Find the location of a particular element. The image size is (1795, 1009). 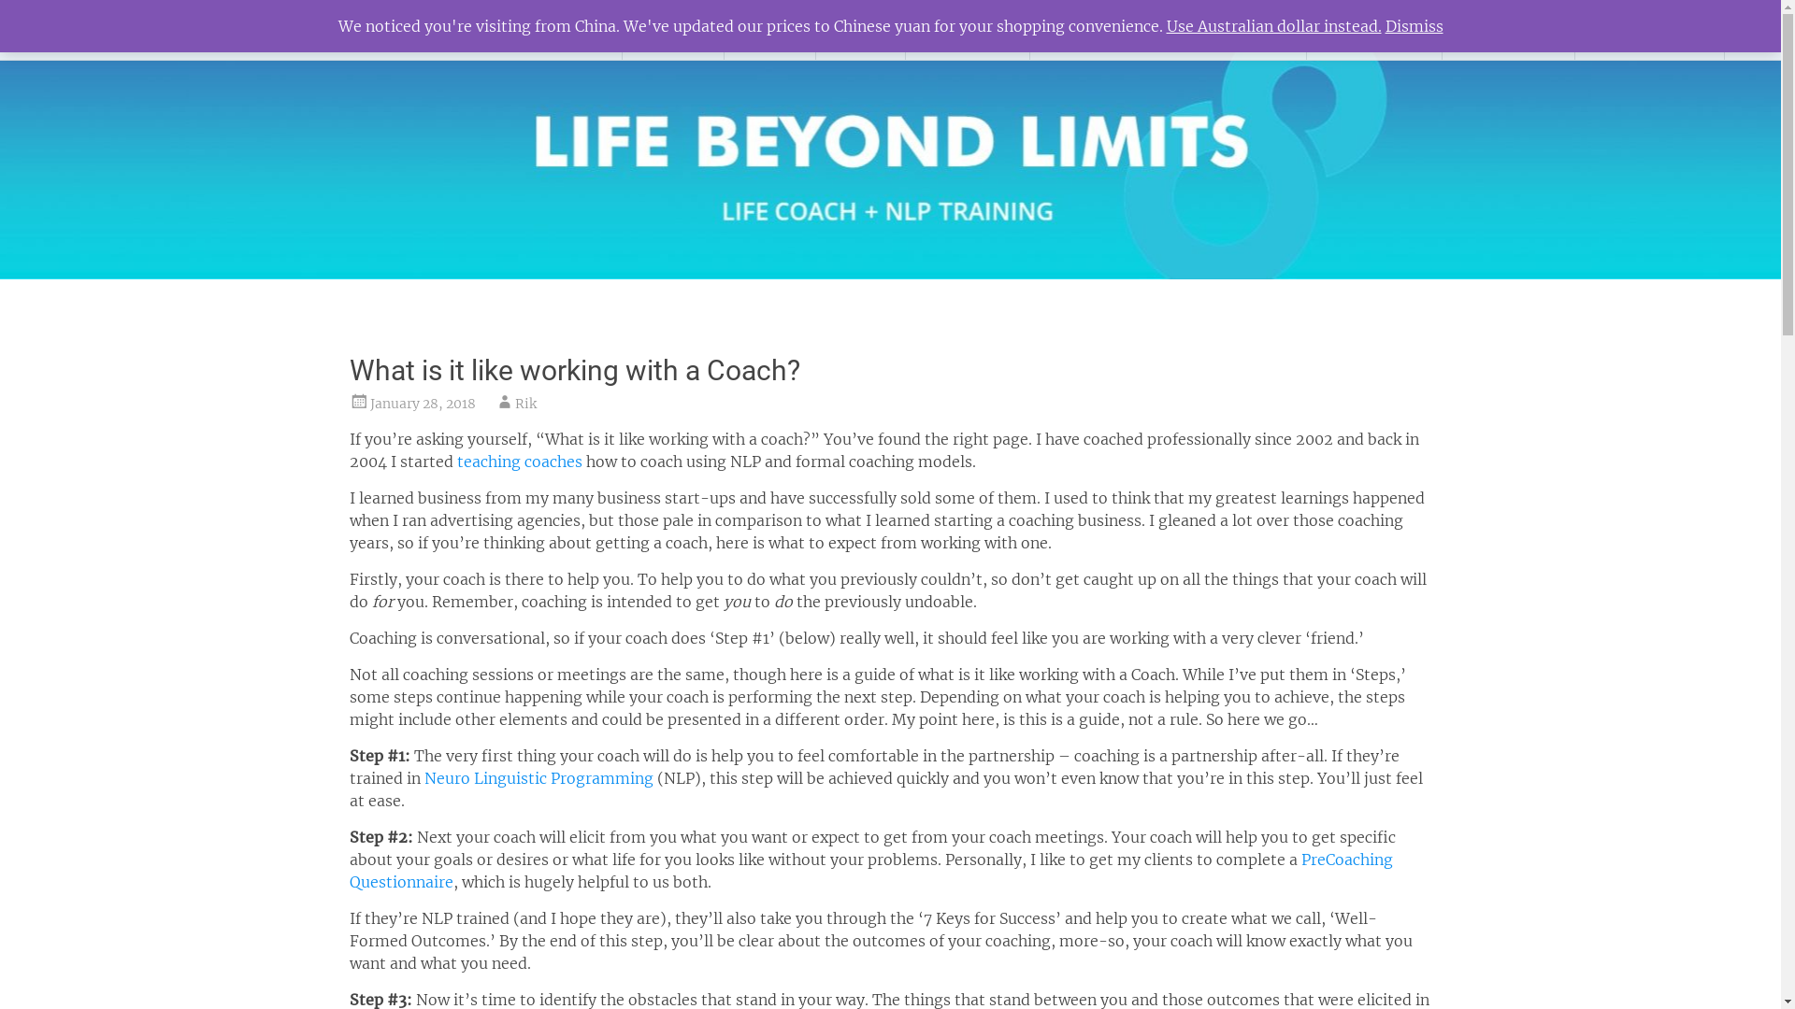

'CONTACT US' is located at coordinates (1649, 29).